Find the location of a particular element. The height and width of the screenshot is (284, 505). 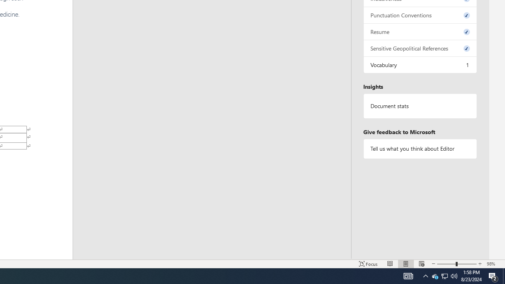

'Document statistics' is located at coordinates (419, 106).